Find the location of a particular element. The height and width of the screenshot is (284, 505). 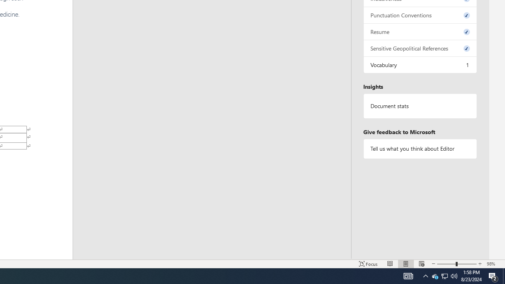

'Document statistics' is located at coordinates (419, 106).